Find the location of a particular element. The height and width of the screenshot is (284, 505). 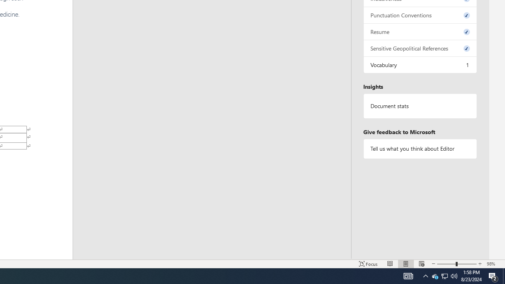

'Document statistics' is located at coordinates (419, 106).